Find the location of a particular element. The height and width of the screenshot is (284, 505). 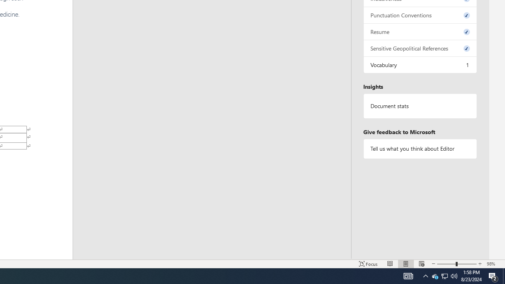

'Document statistics' is located at coordinates (419, 106).